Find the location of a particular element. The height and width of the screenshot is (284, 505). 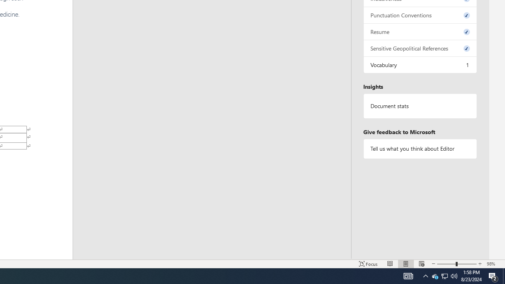

'Document statistics' is located at coordinates (419, 106).